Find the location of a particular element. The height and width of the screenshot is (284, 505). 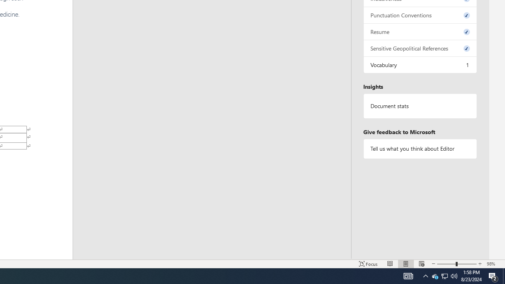

'Document statistics' is located at coordinates (419, 106).